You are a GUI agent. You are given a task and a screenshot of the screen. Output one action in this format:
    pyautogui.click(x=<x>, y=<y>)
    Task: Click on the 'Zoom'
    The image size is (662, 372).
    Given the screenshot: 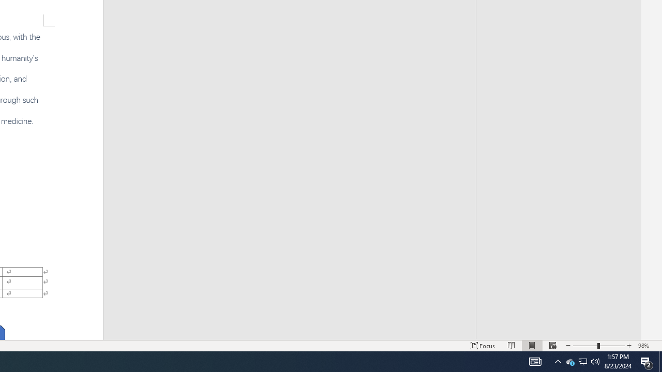 What is the action you would take?
    pyautogui.click(x=599, y=346)
    